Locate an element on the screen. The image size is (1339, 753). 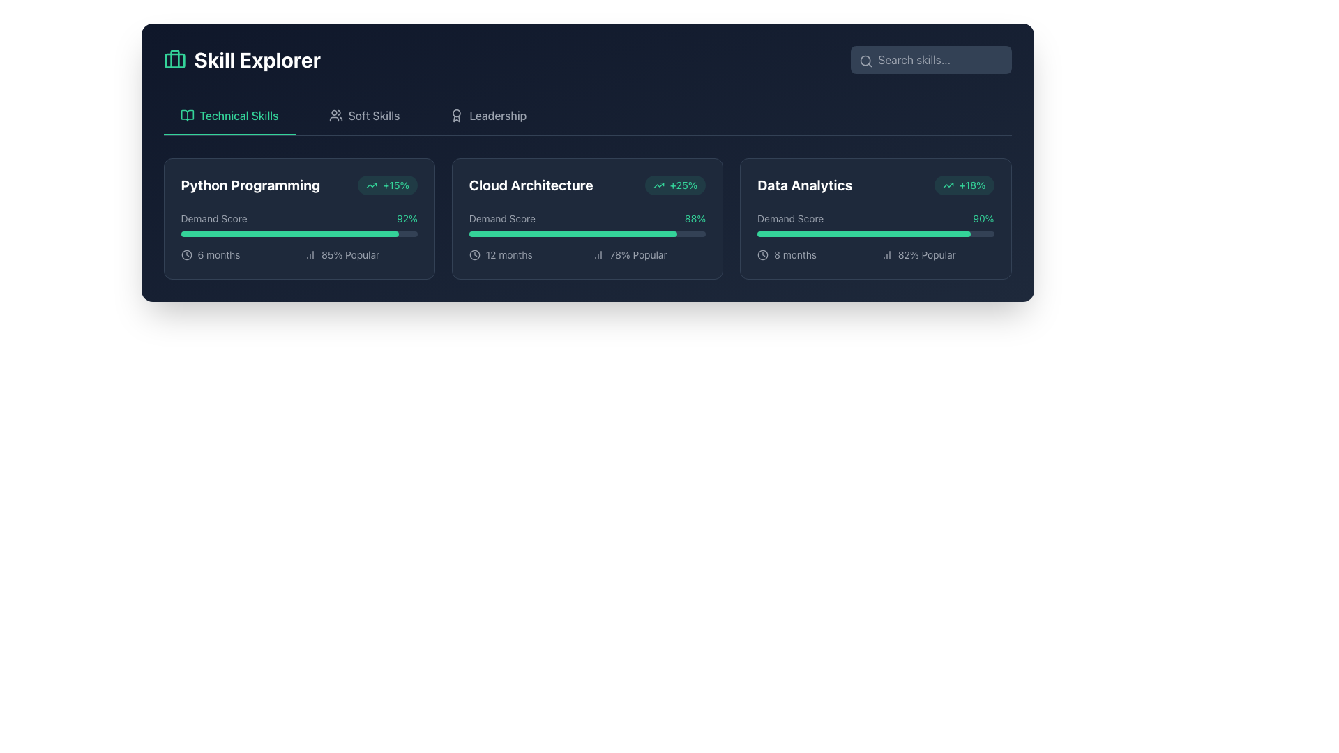
the 'Technical Skills' text label, which is styled in green on a dark background and positioned under the 'Skill Explorer' heading is located at coordinates (239, 114).